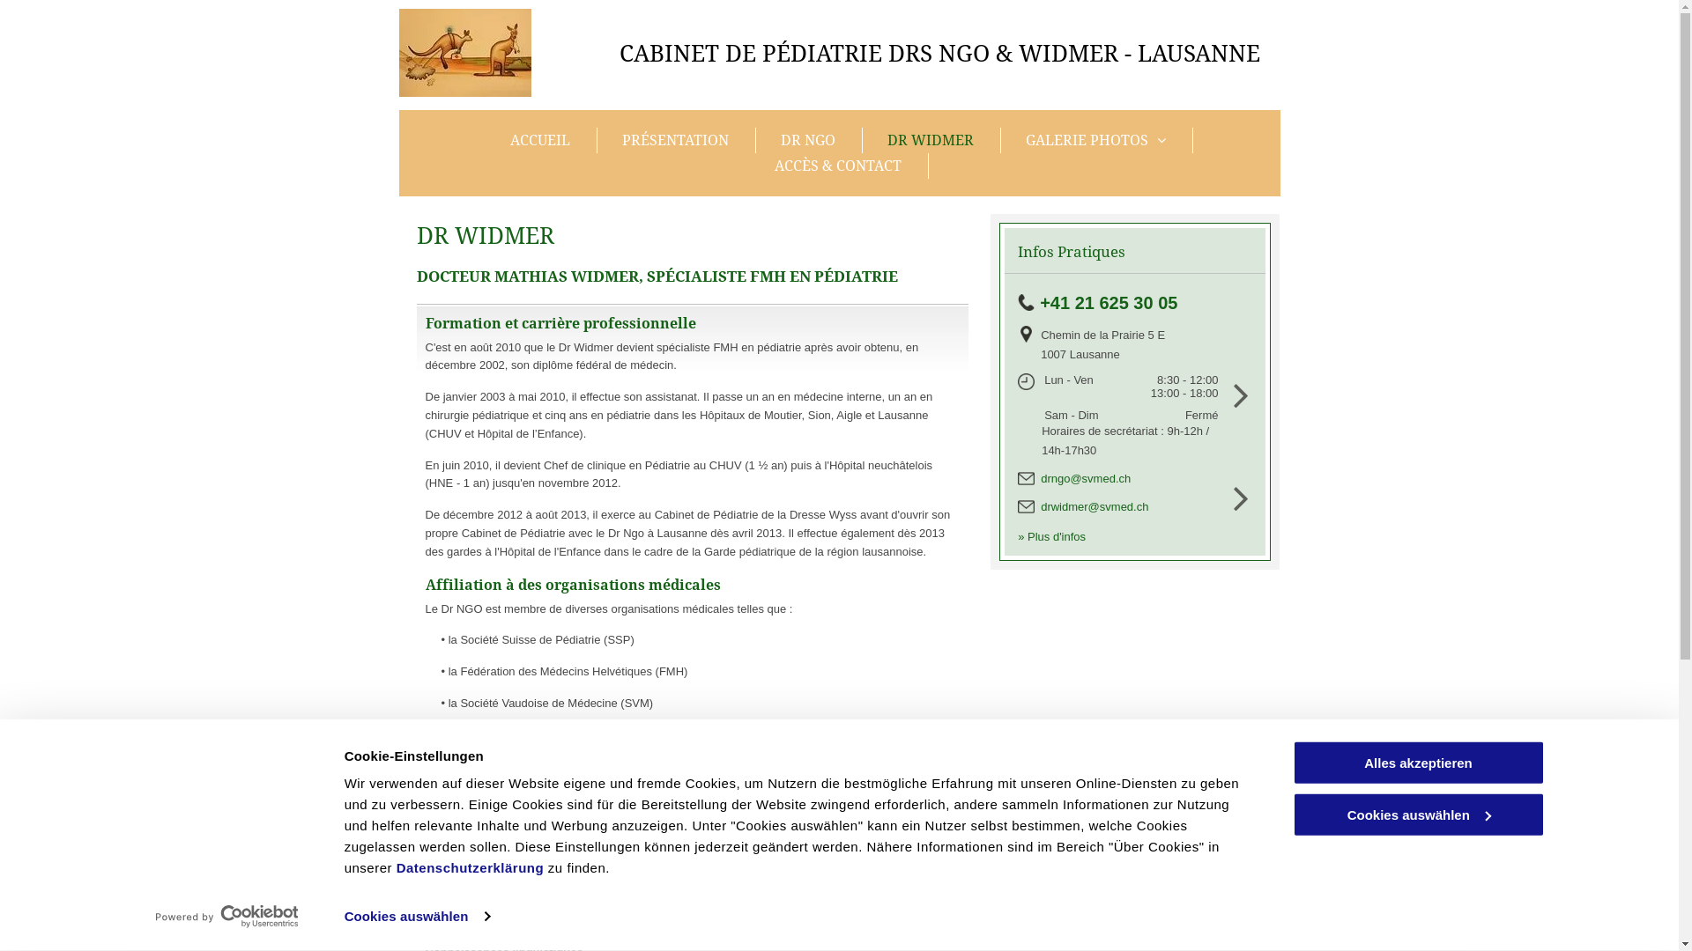 The image size is (1692, 951). Describe the element at coordinates (1095, 139) in the screenshot. I see `'GALERIE PHOTOS'` at that location.